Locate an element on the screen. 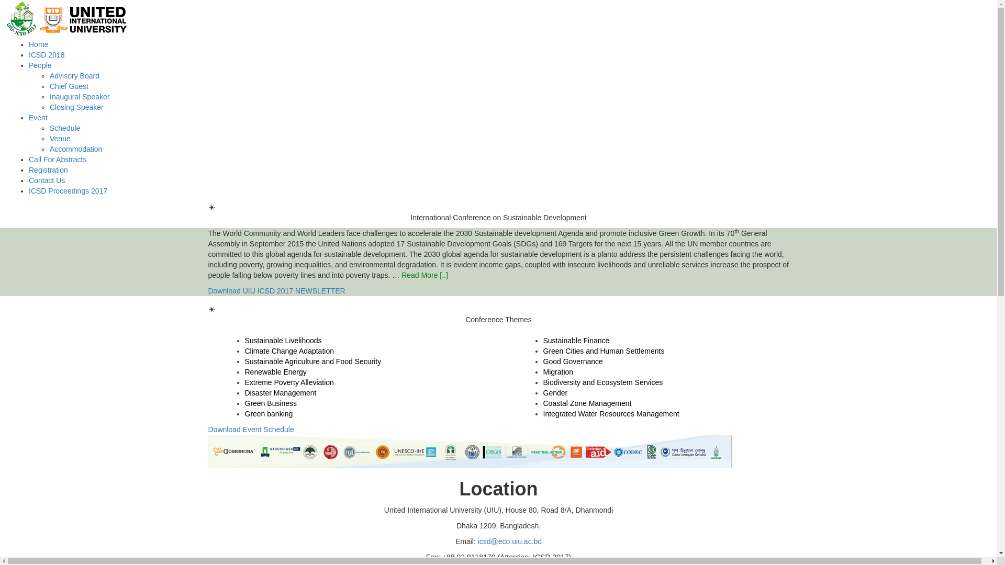 Image resolution: width=1005 pixels, height=565 pixels. 'Venue' is located at coordinates (49, 138).